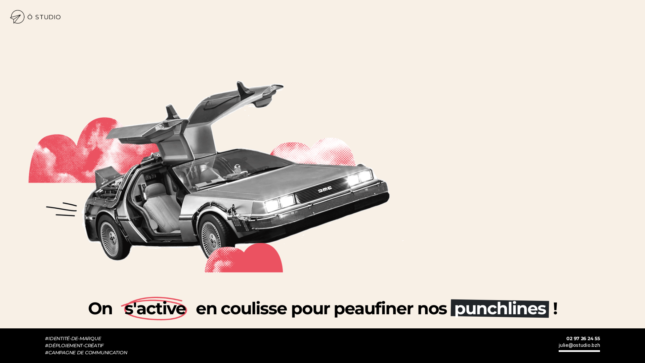  Describe the element at coordinates (578, 347) in the screenshot. I see `'julie@ostudio.bzh'` at that location.